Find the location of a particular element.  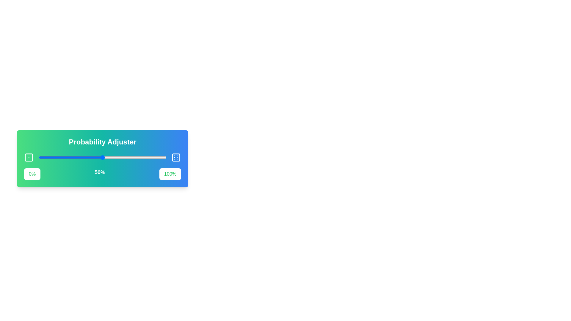

the slider to set the probability to 87% is located at coordinates (150, 157).